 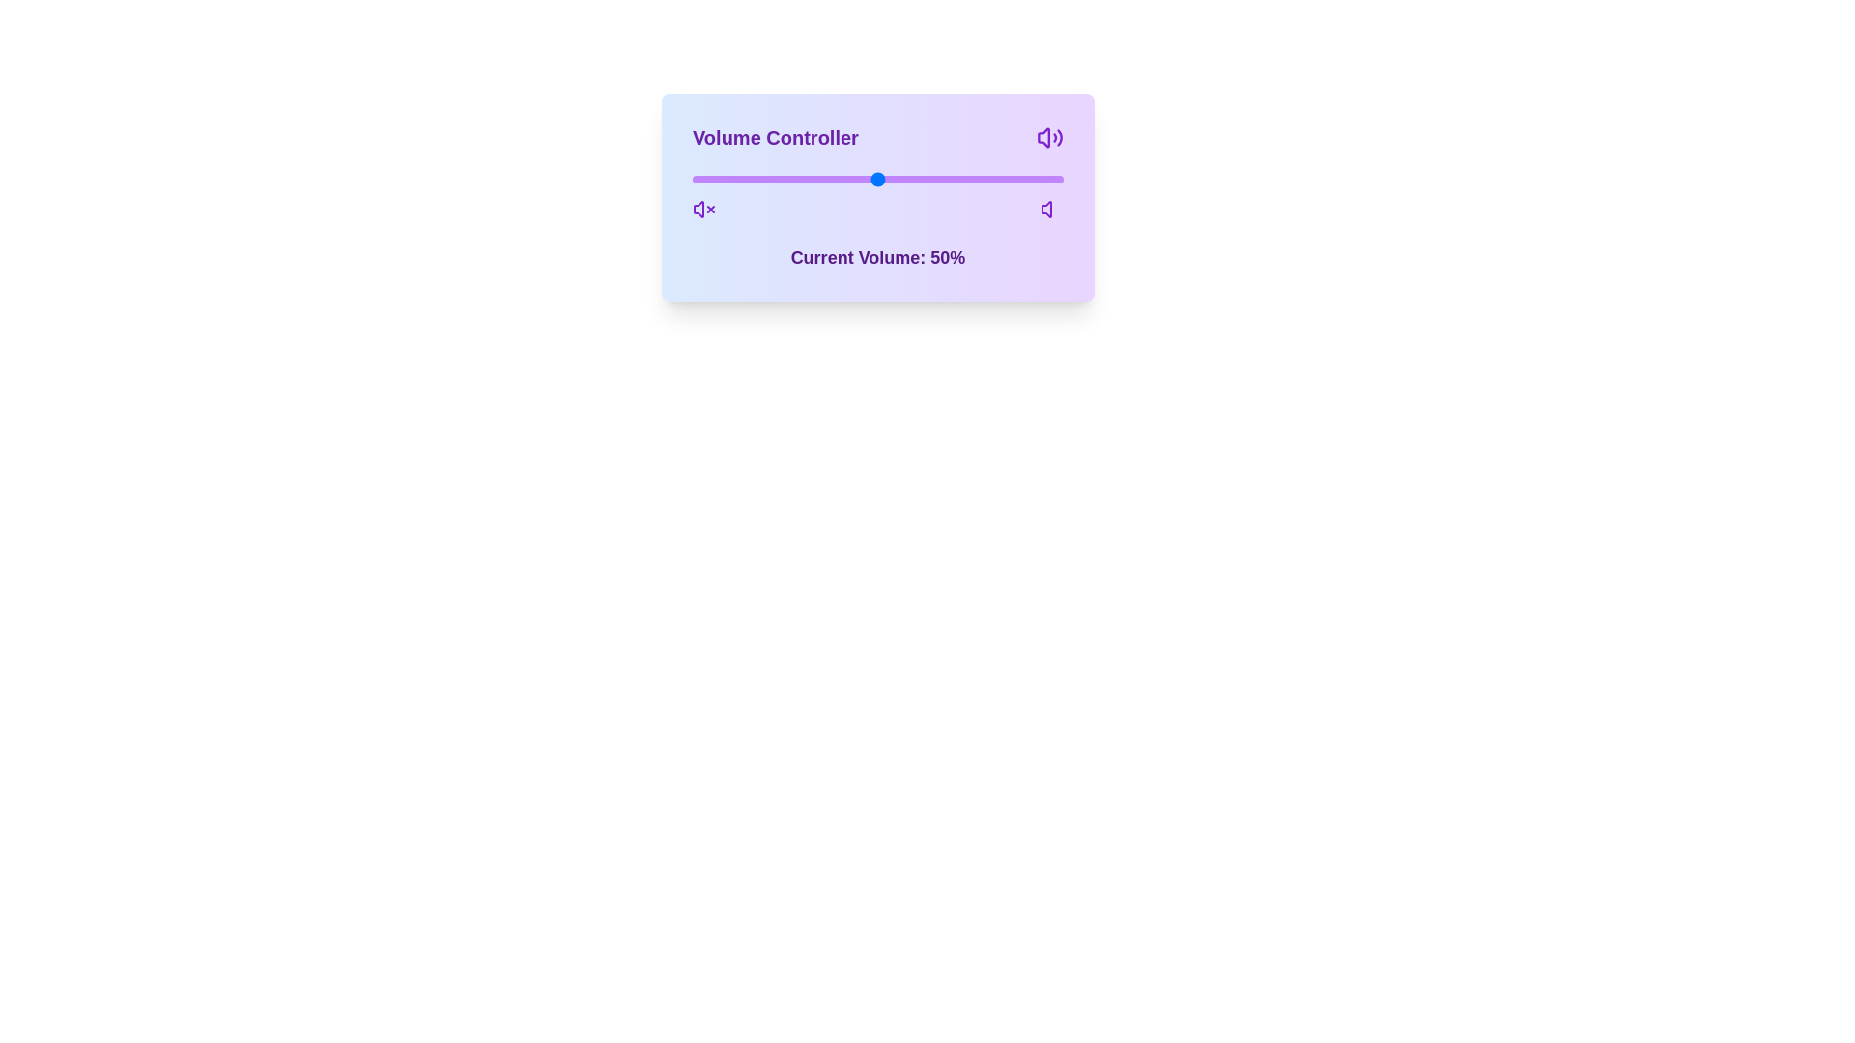 What do you see at coordinates (989, 179) in the screenshot?
I see `the volume slider to 80%` at bounding box center [989, 179].